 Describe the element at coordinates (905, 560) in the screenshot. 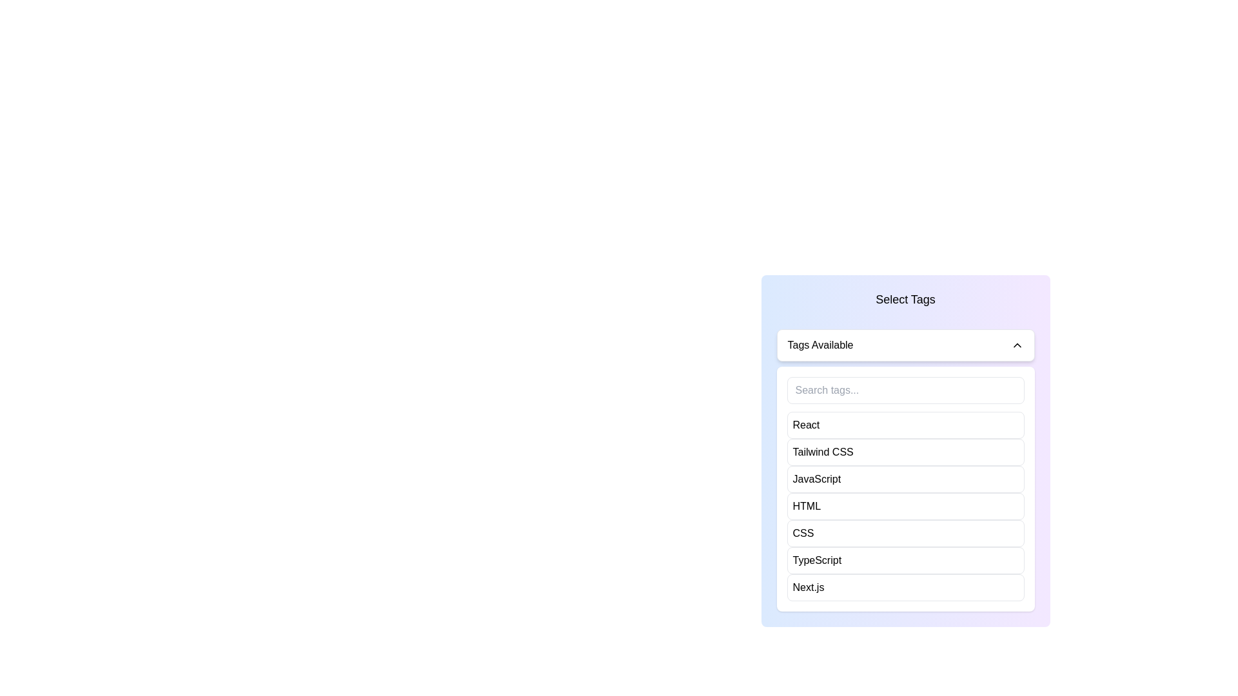

I see `the 'TypeScript' tag entry within the 'Tags Available' dropdown, which is styled with padding and rounded corners` at that location.